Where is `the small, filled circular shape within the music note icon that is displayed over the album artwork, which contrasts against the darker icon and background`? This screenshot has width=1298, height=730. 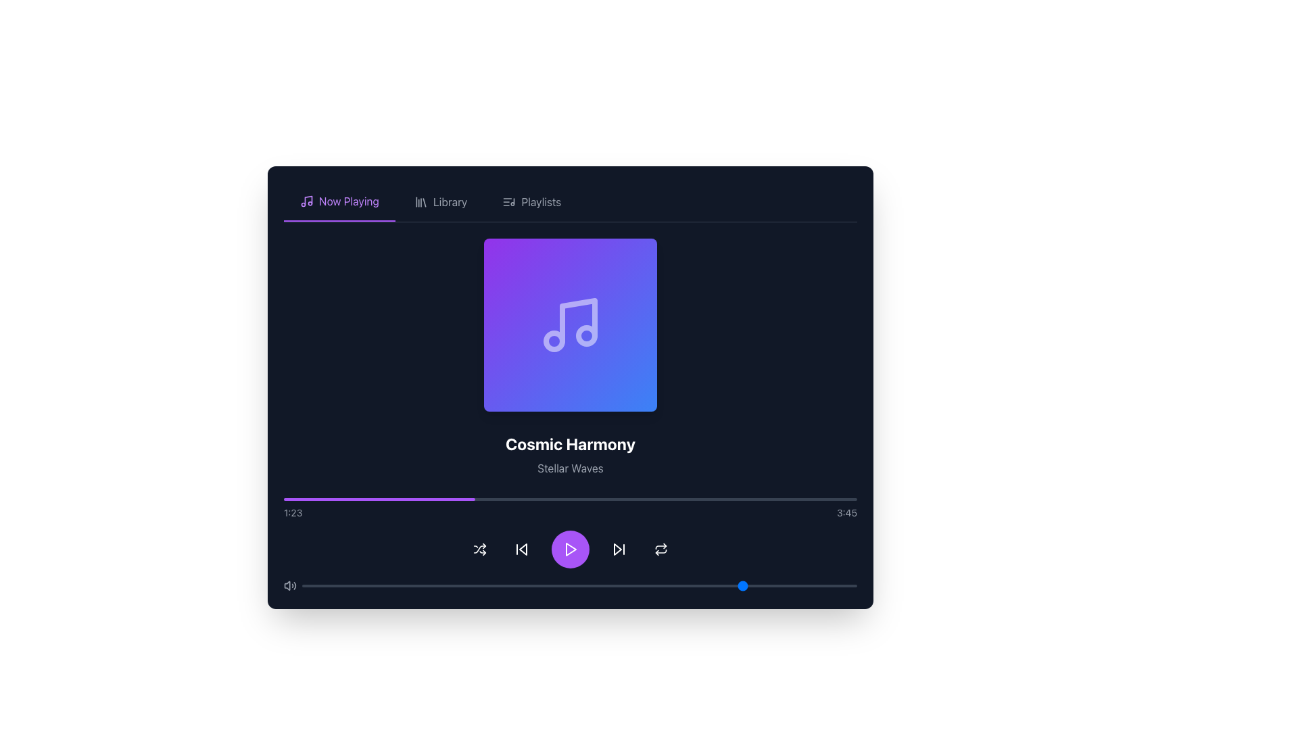 the small, filled circular shape within the music note icon that is displayed over the album artwork, which contrasts against the darker icon and background is located at coordinates (554, 341).